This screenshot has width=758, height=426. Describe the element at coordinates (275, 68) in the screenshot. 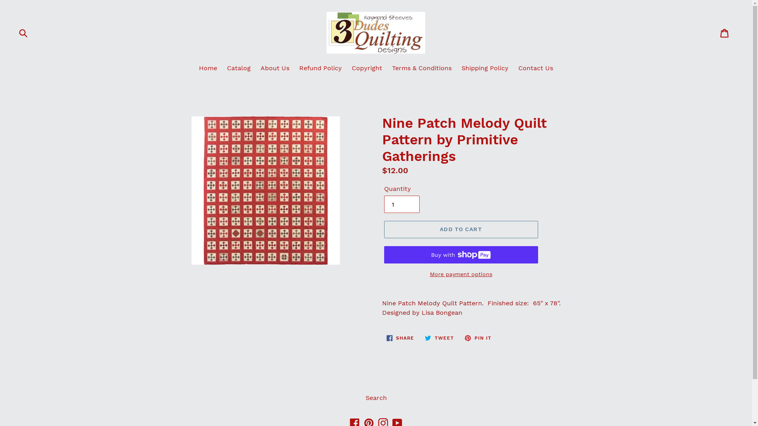

I see `'About Us'` at that location.